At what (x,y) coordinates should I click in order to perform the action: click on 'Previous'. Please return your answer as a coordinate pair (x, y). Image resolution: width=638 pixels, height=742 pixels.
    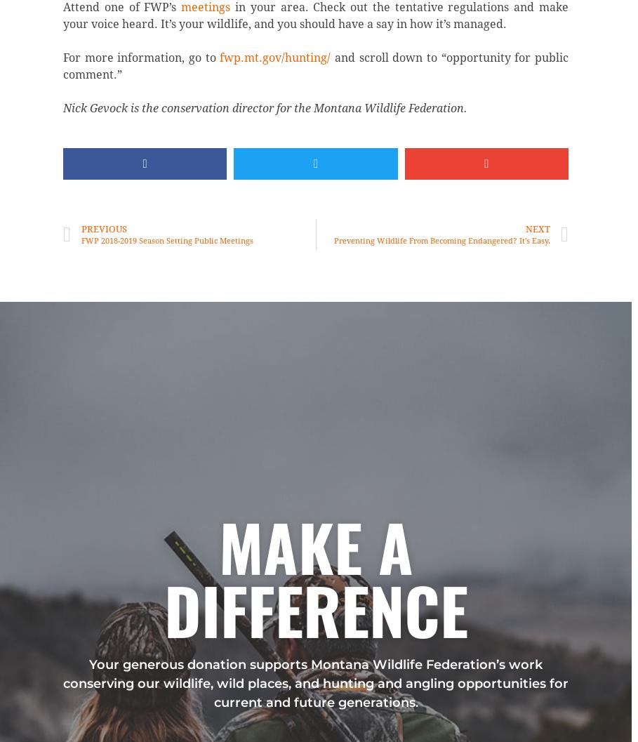
    Looking at the image, I should click on (102, 228).